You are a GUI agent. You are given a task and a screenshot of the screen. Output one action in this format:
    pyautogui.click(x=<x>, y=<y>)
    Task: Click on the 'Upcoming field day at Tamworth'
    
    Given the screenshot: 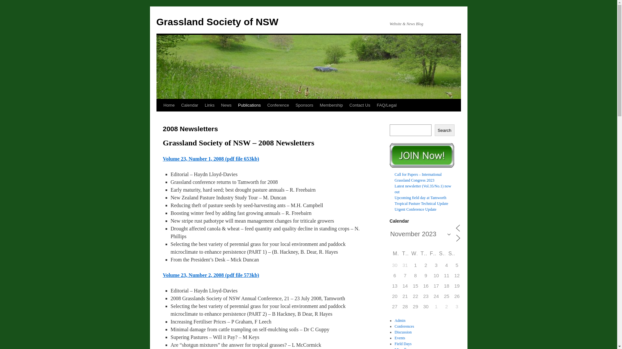 What is the action you would take?
    pyautogui.click(x=420, y=197)
    